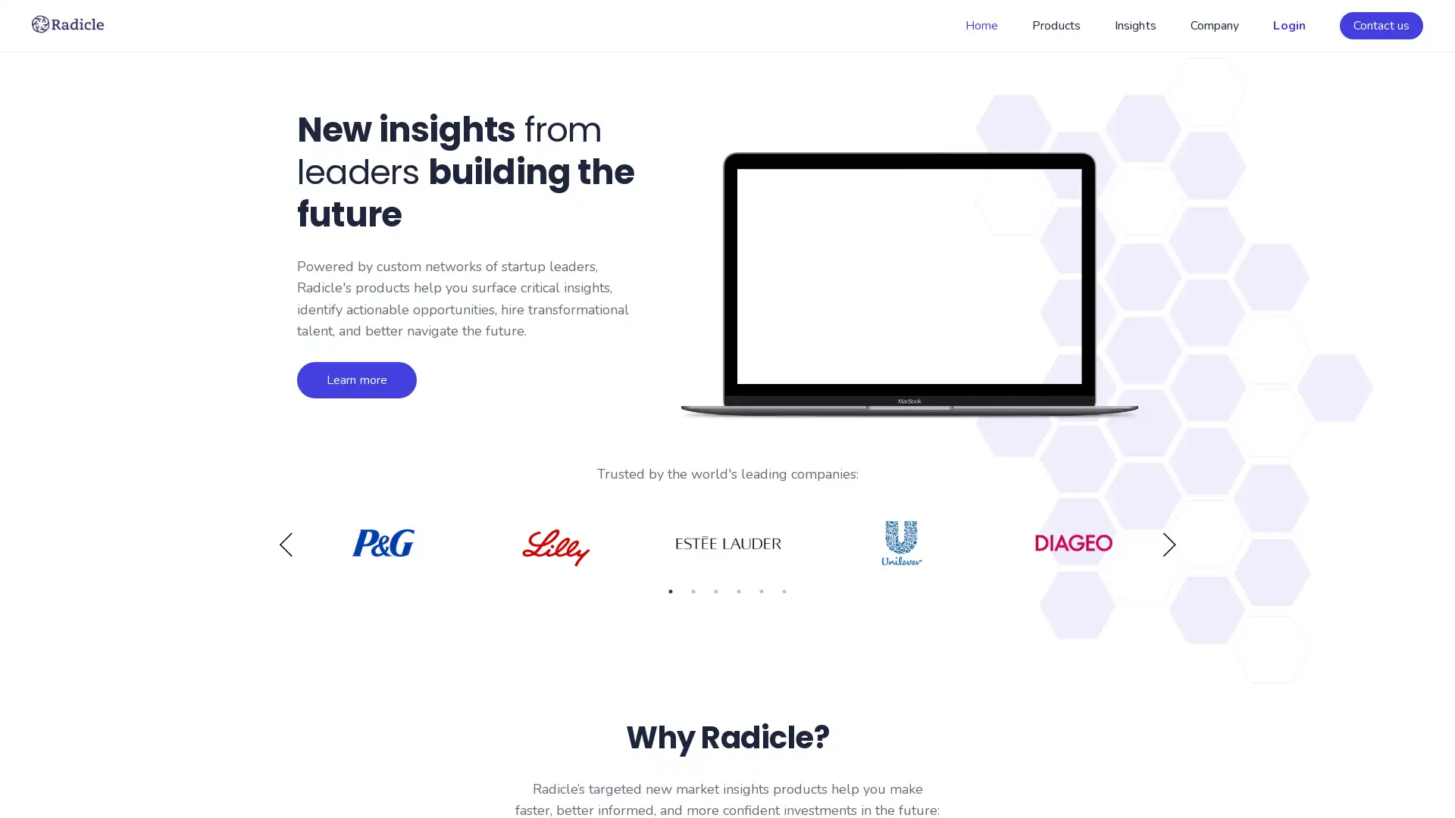  Describe the element at coordinates (693, 595) in the screenshot. I see `2` at that location.